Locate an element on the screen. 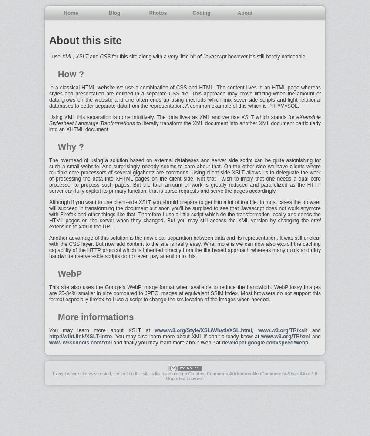  'The overhead of using a solution based on external databases and server side script can be quite astonishing for such a small website. And surprisingly nobody seems to care about that. On the other side we have clients where multiple core processors of several gigahertz are commons. Using client-side XSLT allows us to deleguate the work of processing the data into XHTML pages on the client side. Not that I wish to imply that one needs a dual core processor to process such pages. But the total amount of work is greatly reduced and parallelized as the HTTP server can fully exploit its primary function, that is parse requests and serve the pages accordingly.' is located at coordinates (48, 176).